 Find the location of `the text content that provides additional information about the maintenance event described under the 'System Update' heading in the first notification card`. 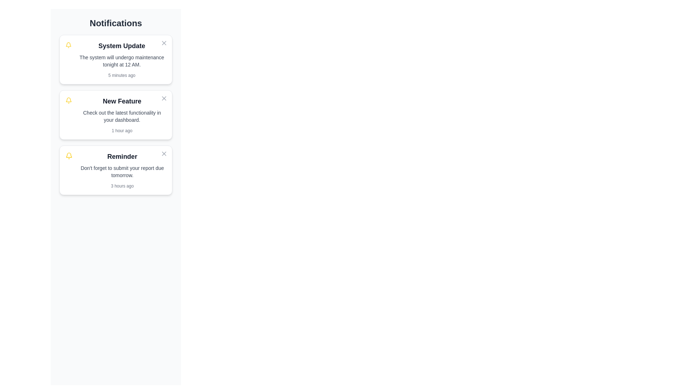

the text content that provides additional information about the maintenance event described under the 'System Update' heading in the first notification card is located at coordinates (122, 60).